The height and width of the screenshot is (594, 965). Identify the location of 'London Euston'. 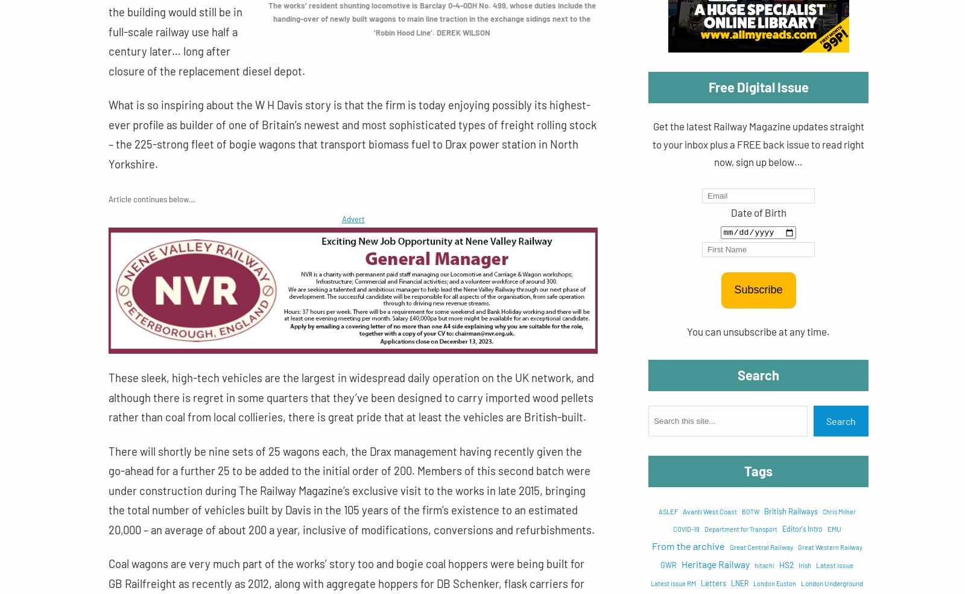
(752, 583).